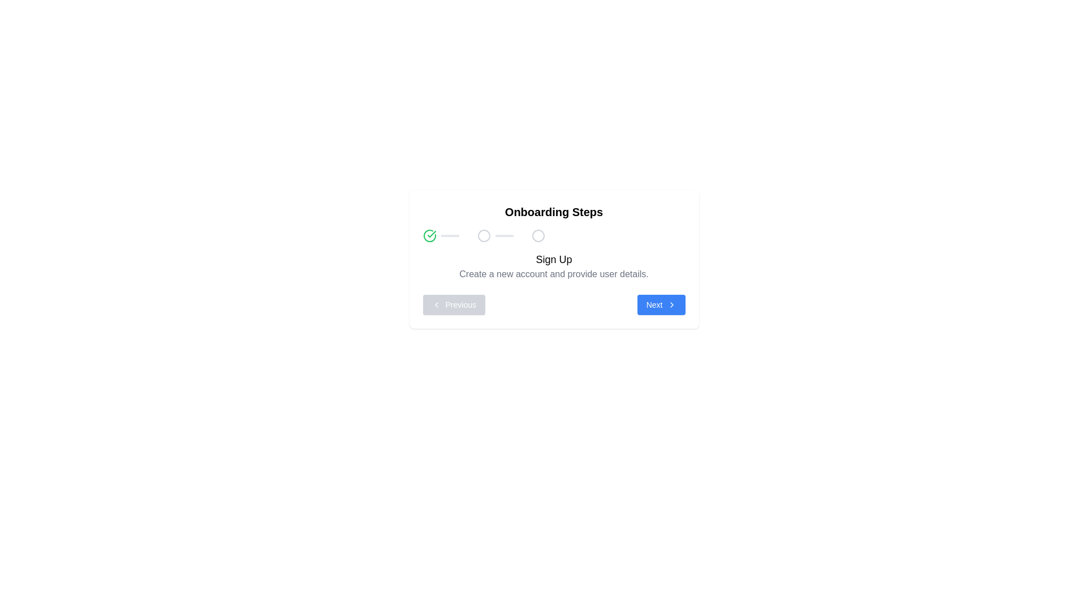  What do you see at coordinates (503, 235) in the screenshot?
I see `the Progress bar segment, which is a thin rectangular bar horizontally aligned, located between two circular icons in the multi-step onboarding panel` at bounding box center [503, 235].